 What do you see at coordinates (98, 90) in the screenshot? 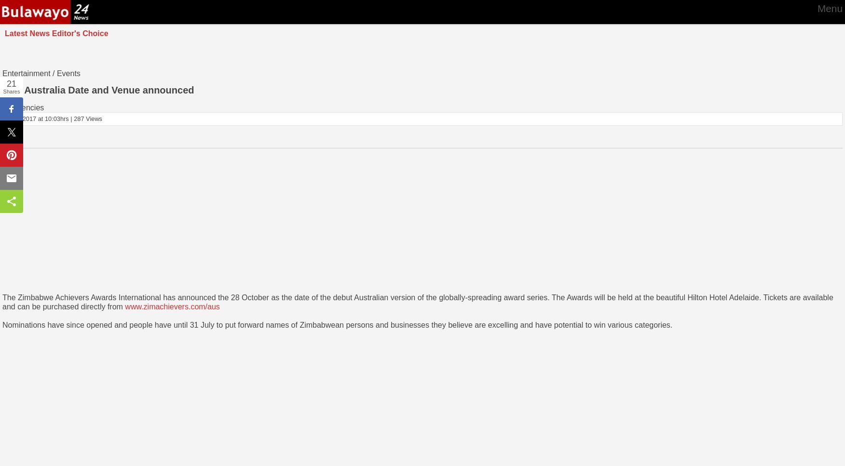
I see `'ZAA Australia Date and Venue announced'` at bounding box center [98, 90].